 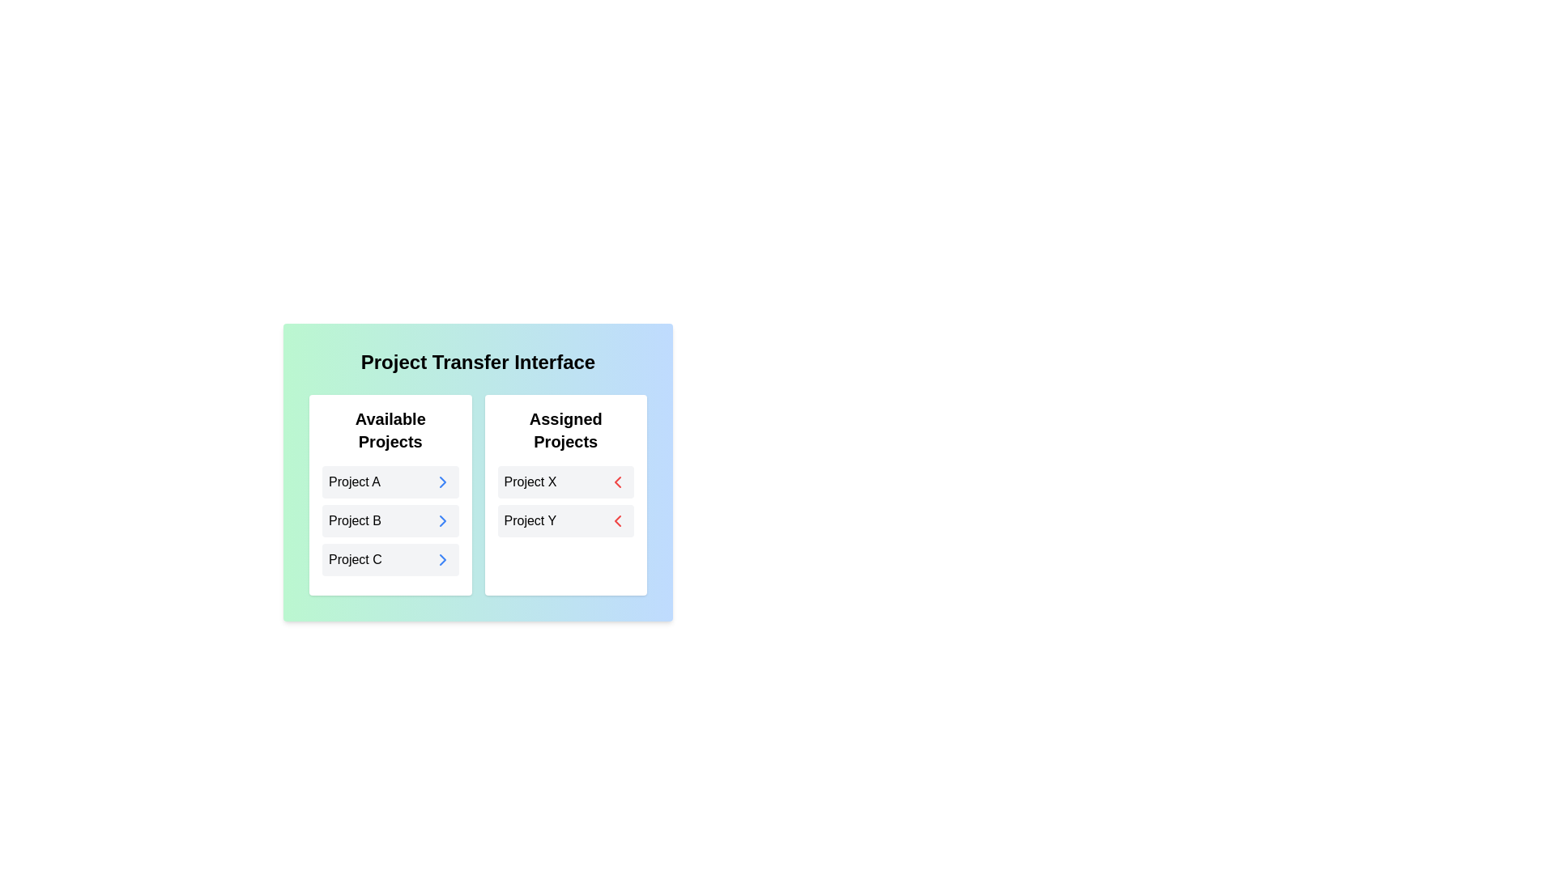 I want to click on the chevron icon indicating an available interaction for 'Project A' in the 'Available Projects' panel, so click(x=442, y=482).